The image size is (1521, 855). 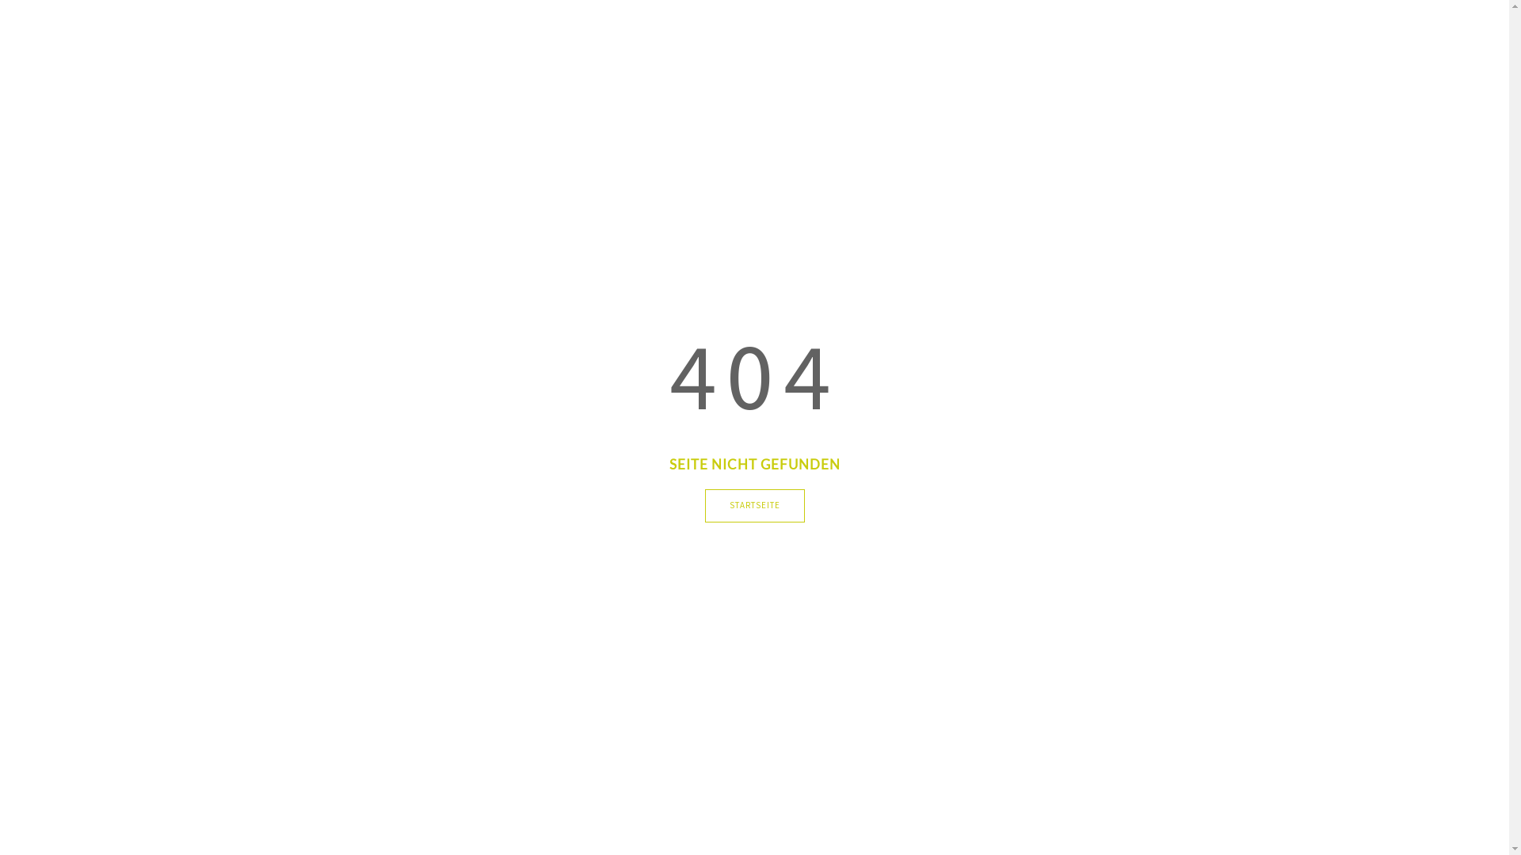 What do you see at coordinates (703, 506) in the screenshot?
I see `'STARTSEITE'` at bounding box center [703, 506].